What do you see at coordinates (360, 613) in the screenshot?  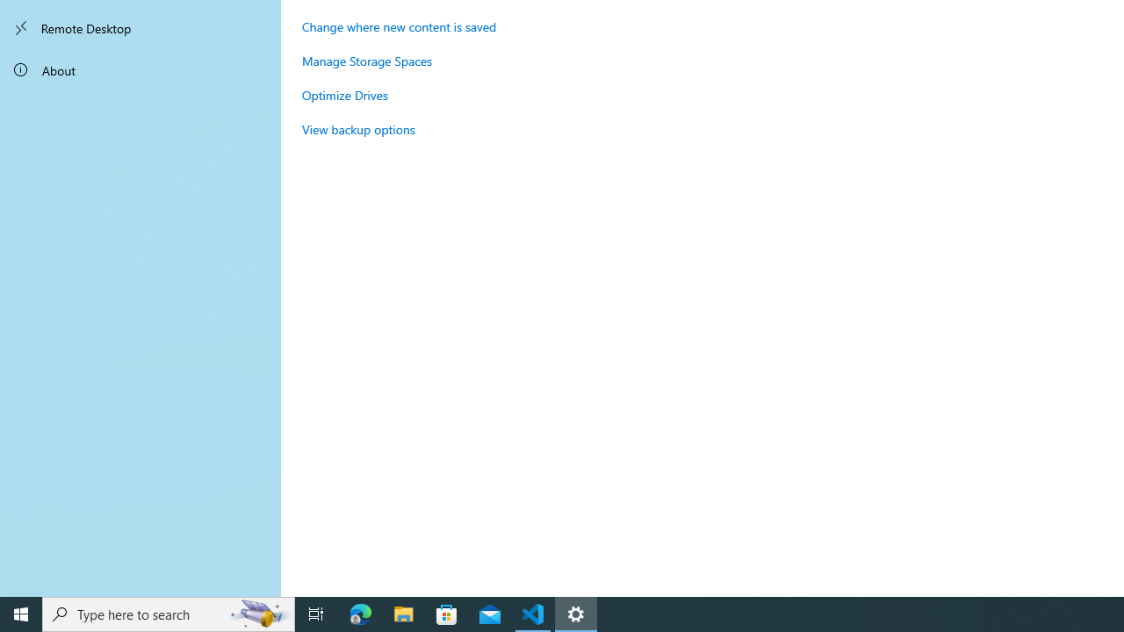 I see `'Microsoft Edge'` at bounding box center [360, 613].